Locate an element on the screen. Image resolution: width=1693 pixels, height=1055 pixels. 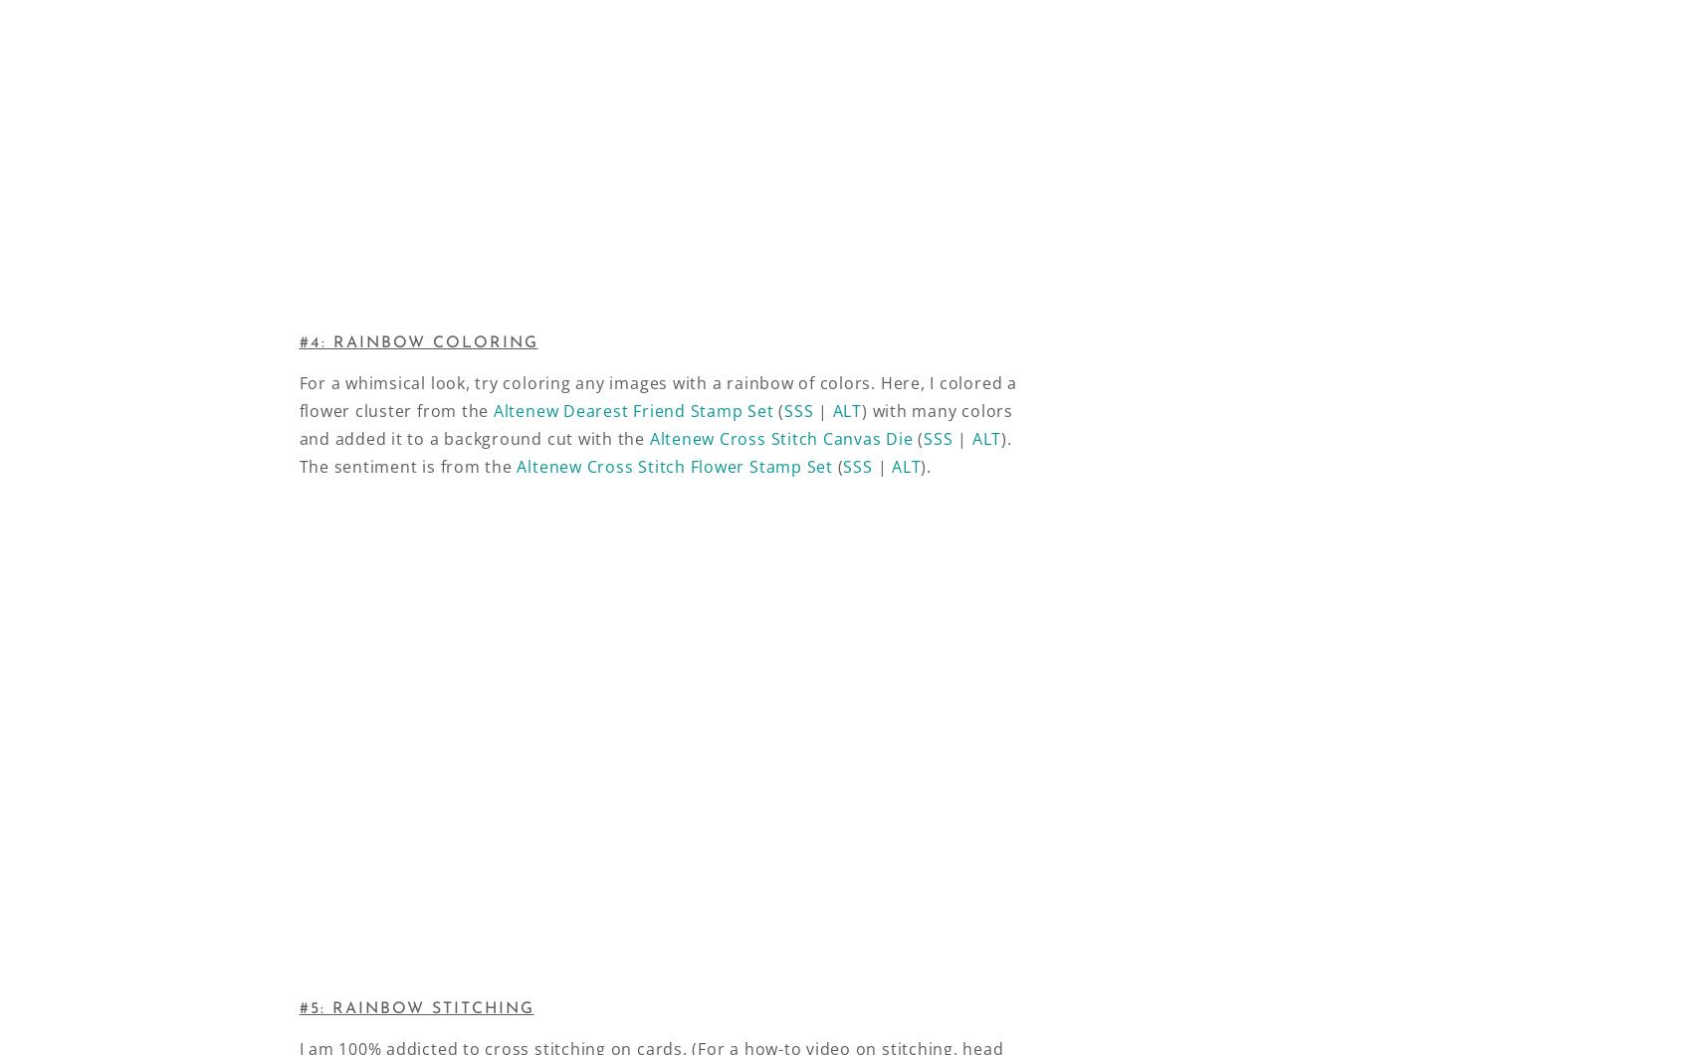
'Altenew Cross Stitch Canvas Die' is located at coordinates (780, 437).